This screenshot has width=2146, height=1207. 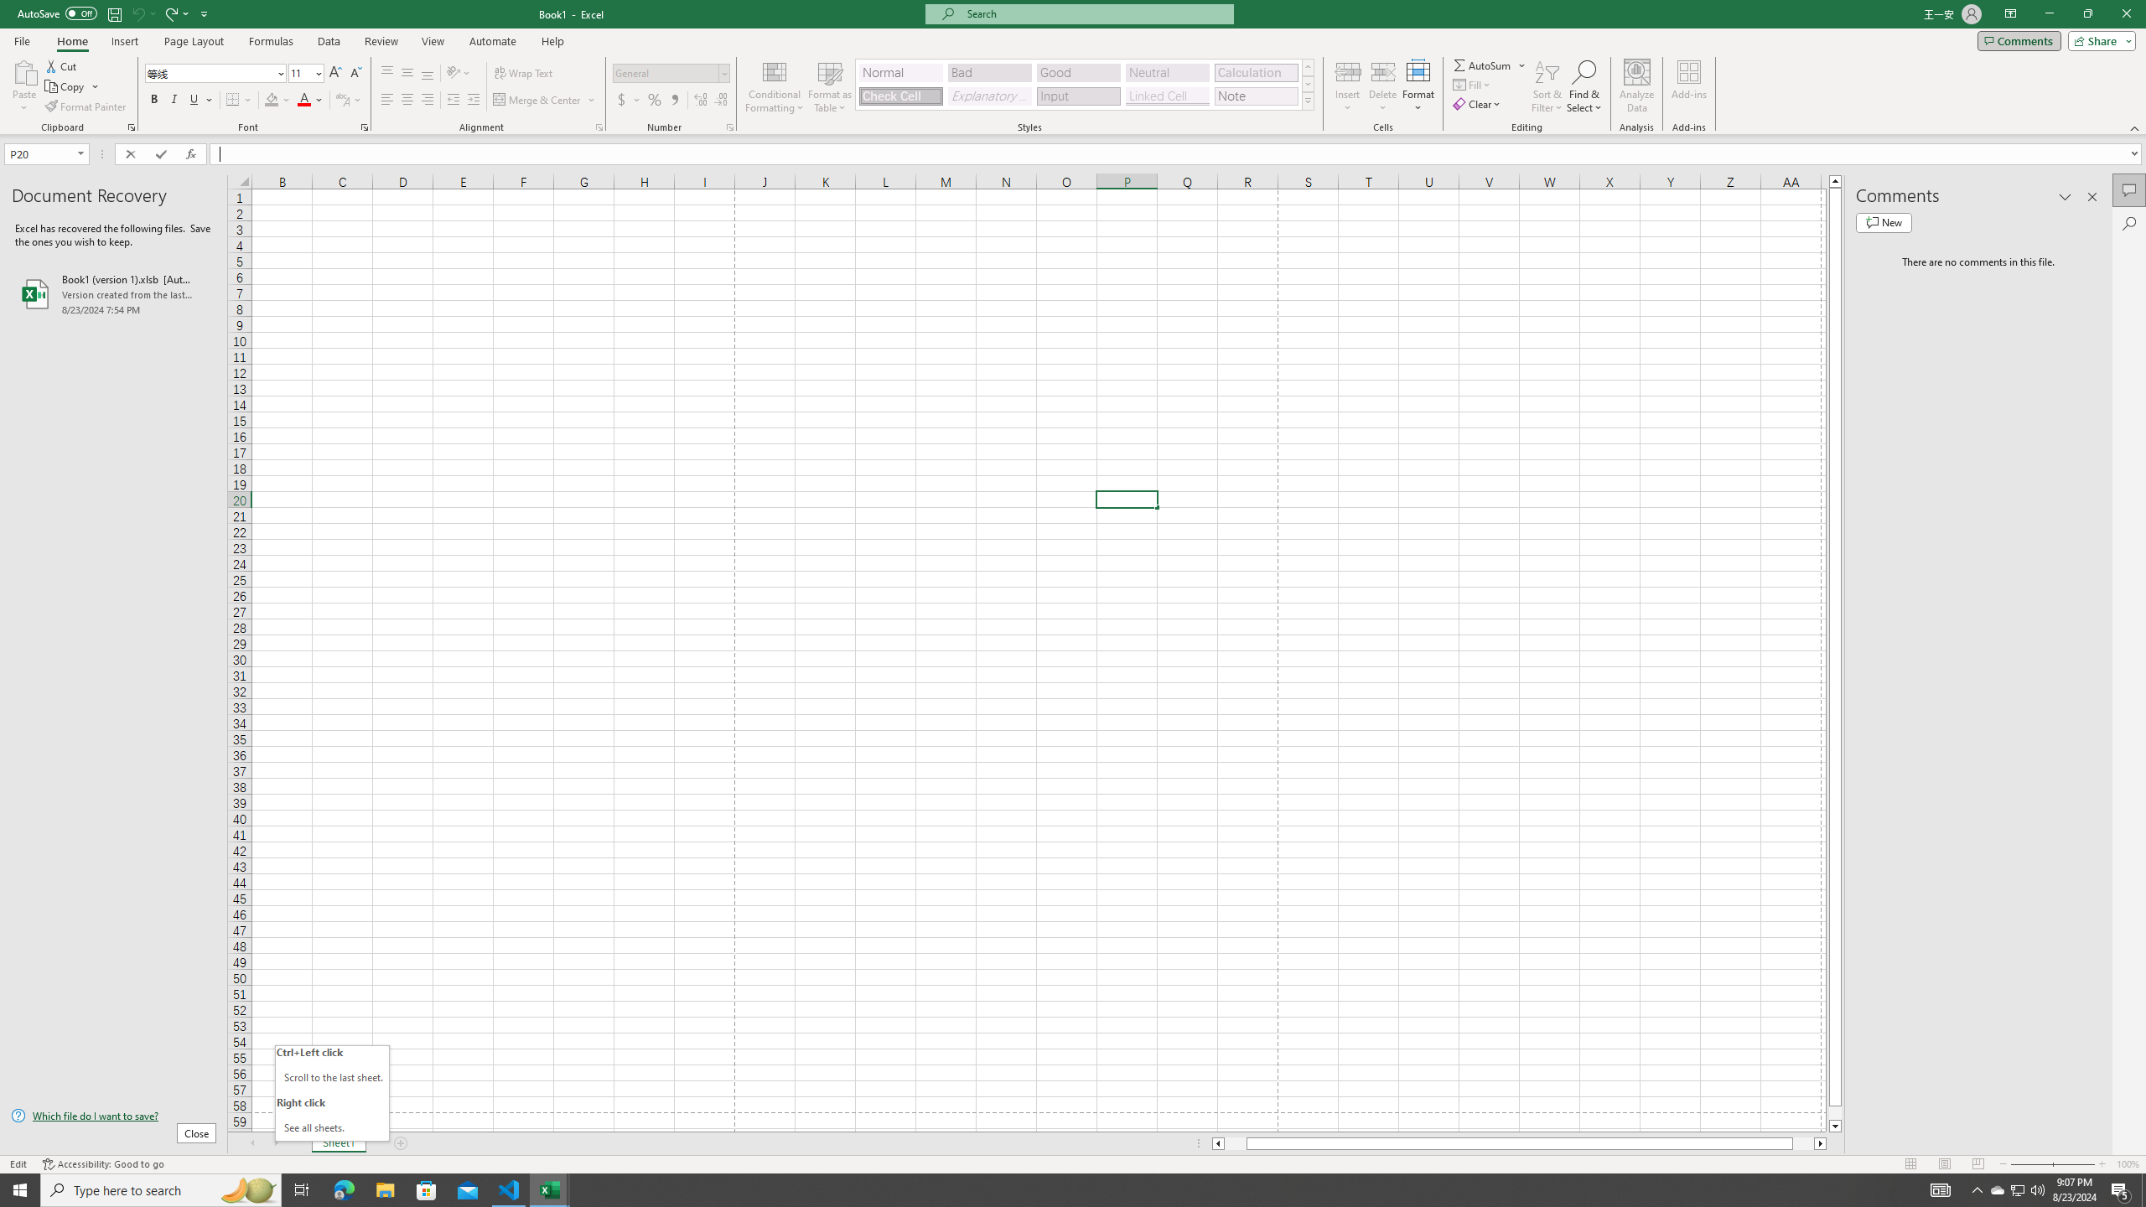 What do you see at coordinates (355, 73) in the screenshot?
I see `'Decrease Font Size'` at bounding box center [355, 73].